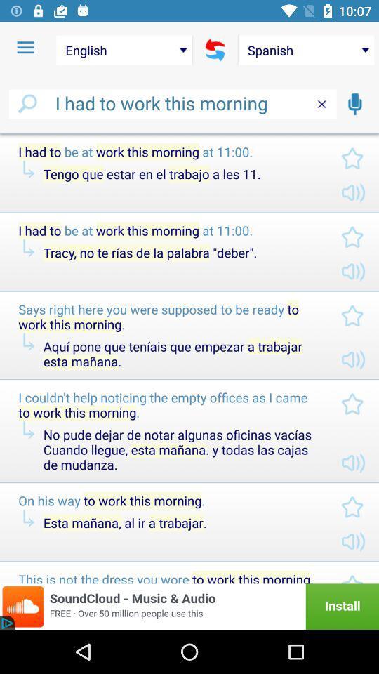 This screenshot has height=674, width=379. Describe the element at coordinates (124, 50) in the screenshot. I see `the icon above i had to item` at that location.